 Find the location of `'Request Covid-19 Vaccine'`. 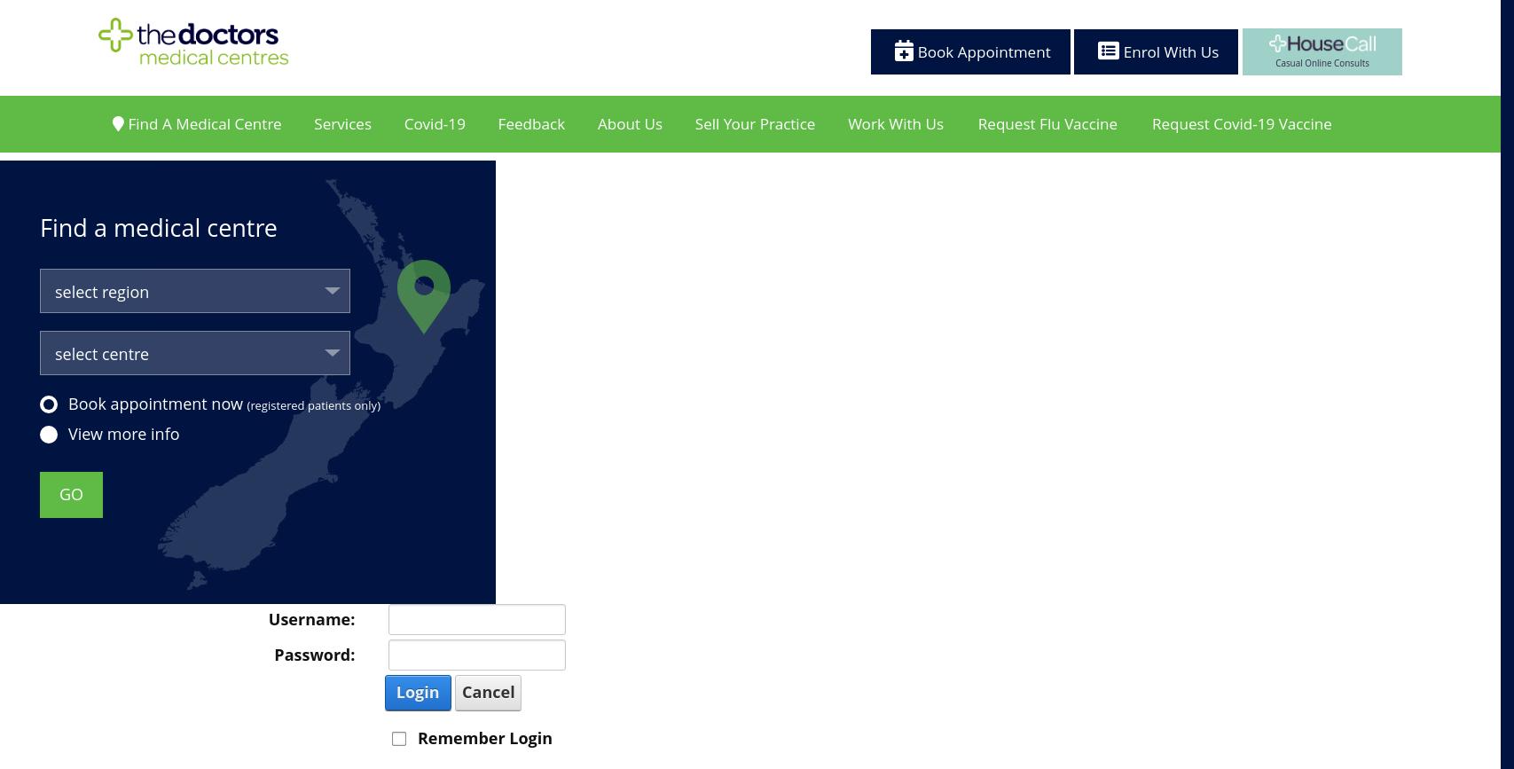

'Request Covid-19 Vaccine' is located at coordinates (1240, 137).